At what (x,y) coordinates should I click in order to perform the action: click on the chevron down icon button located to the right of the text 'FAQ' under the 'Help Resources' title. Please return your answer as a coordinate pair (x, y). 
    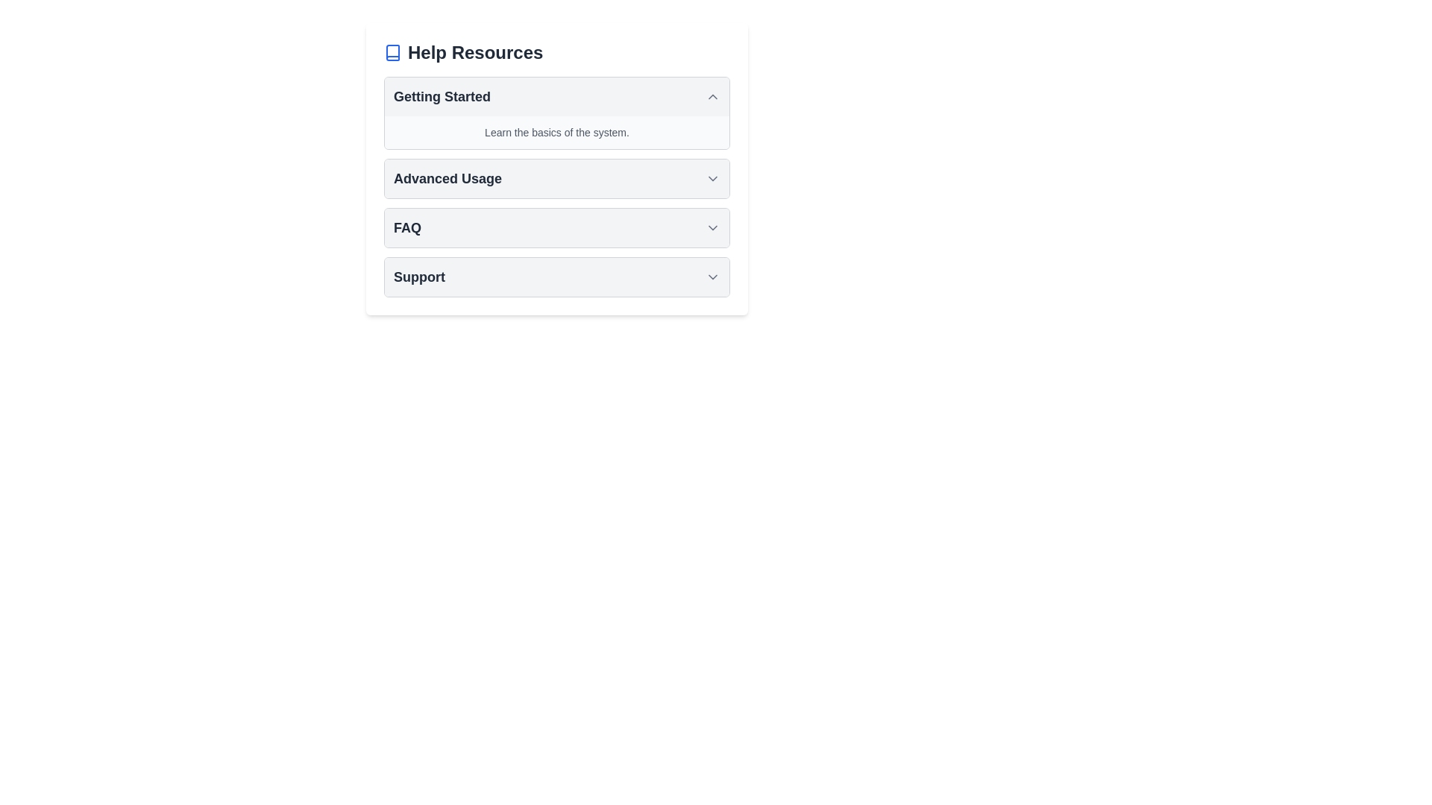
    Looking at the image, I should click on (712, 227).